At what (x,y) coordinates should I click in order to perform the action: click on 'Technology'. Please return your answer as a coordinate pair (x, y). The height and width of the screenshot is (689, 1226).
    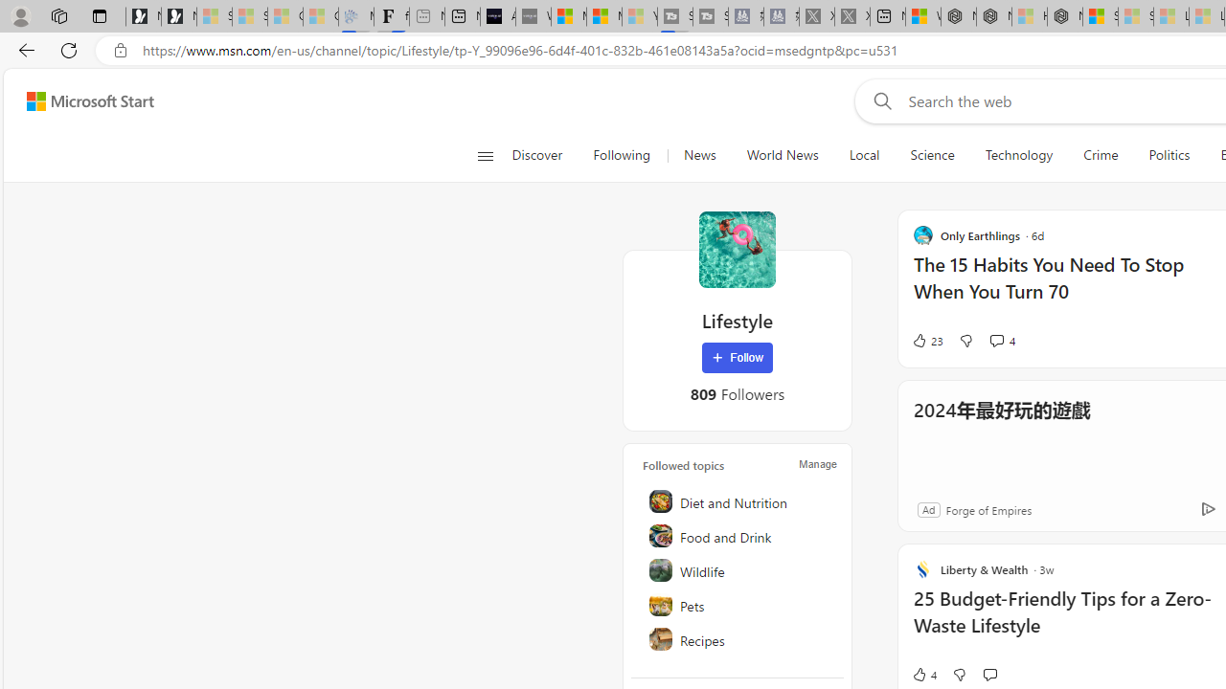
    Looking at the image, I should click on (1017, 155).